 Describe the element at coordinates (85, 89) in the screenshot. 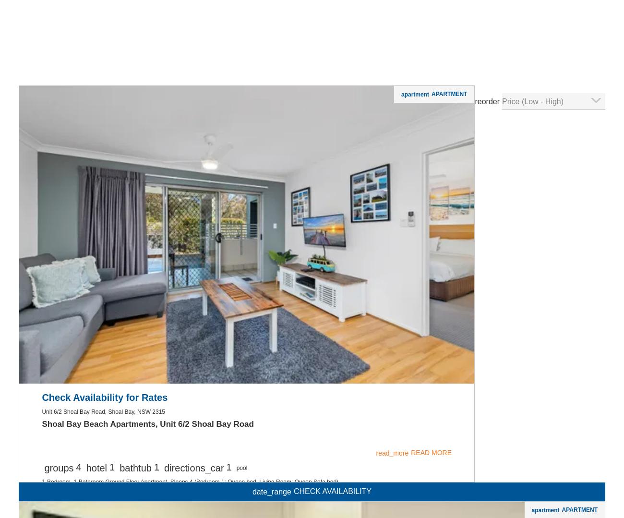

I see `'6'` at that location.